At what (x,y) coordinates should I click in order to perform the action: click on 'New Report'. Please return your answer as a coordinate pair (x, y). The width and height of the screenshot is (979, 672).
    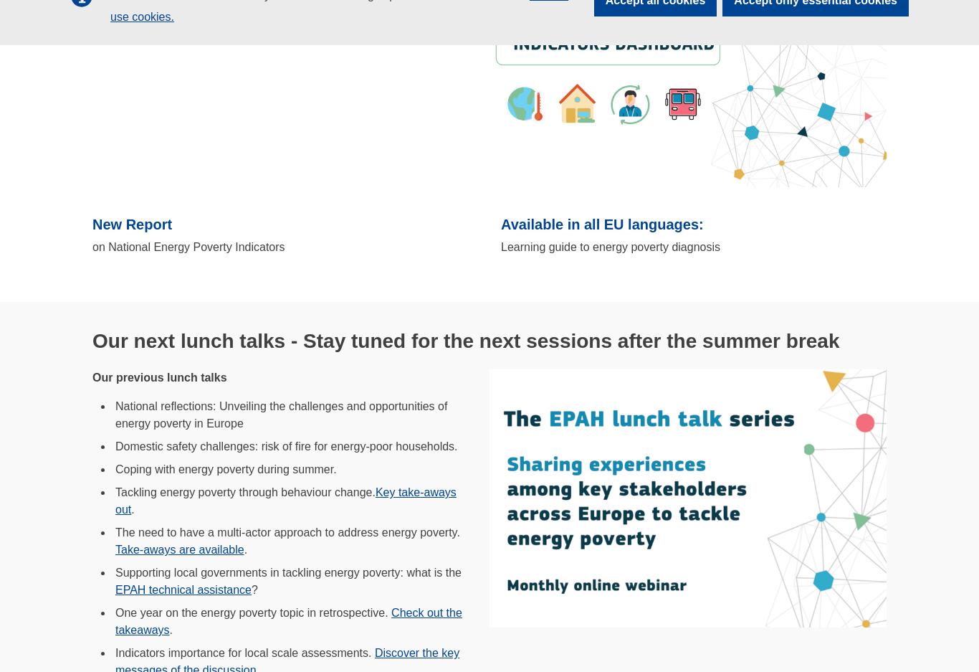
    Looking at the image, I should click on (91, 223).